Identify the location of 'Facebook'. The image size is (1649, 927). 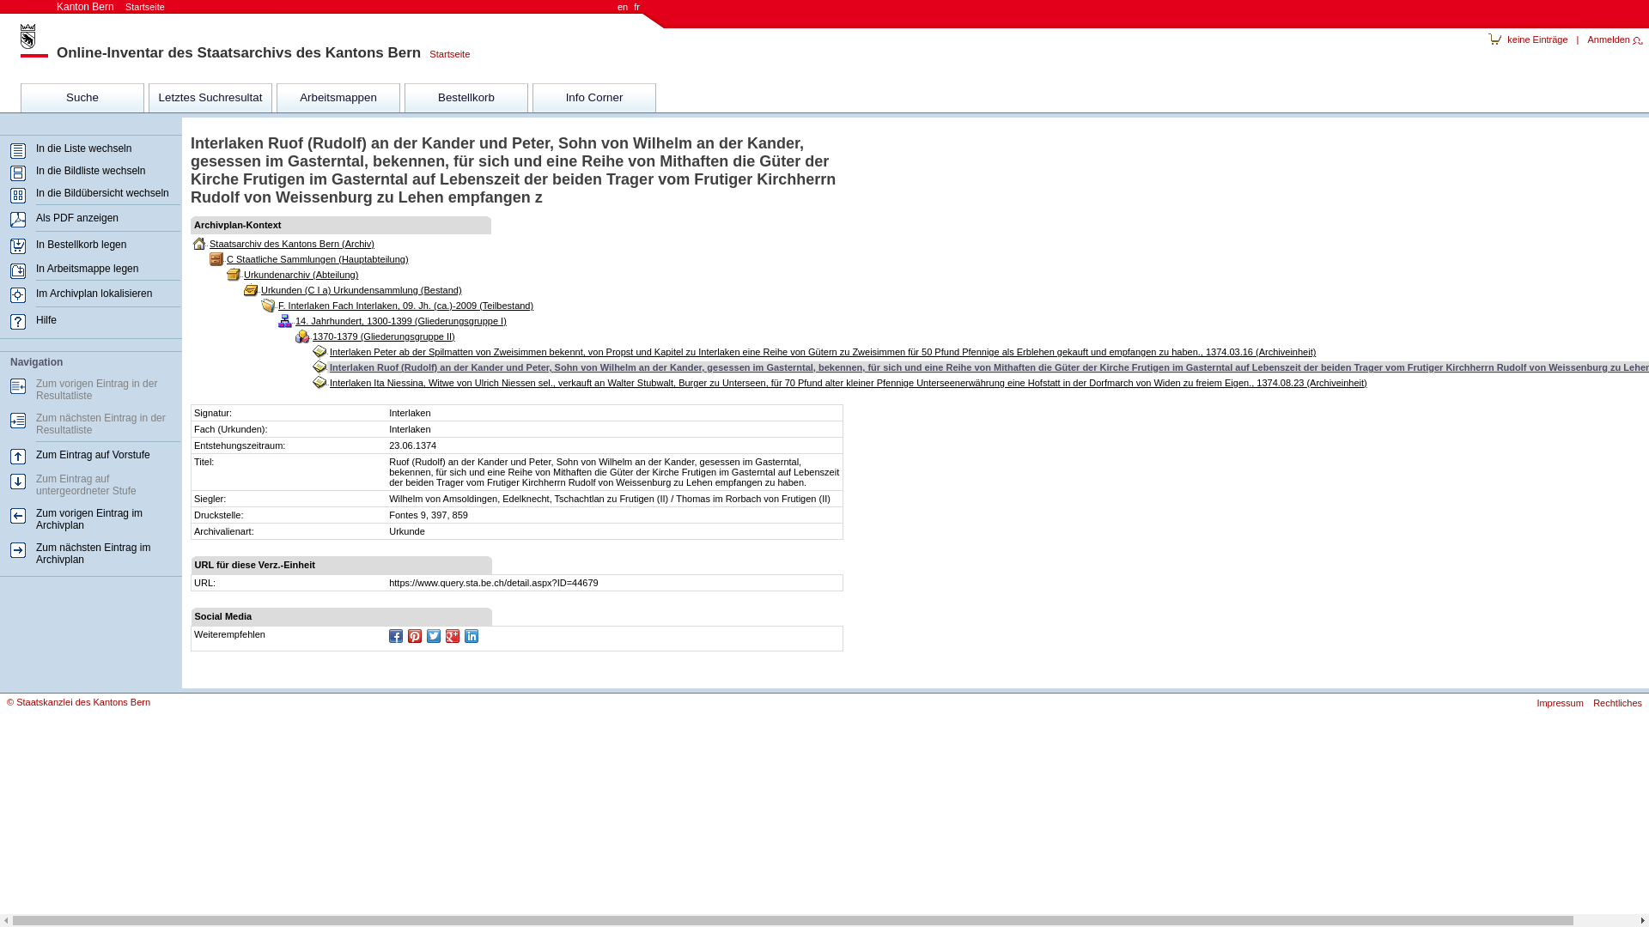
(394, 635).